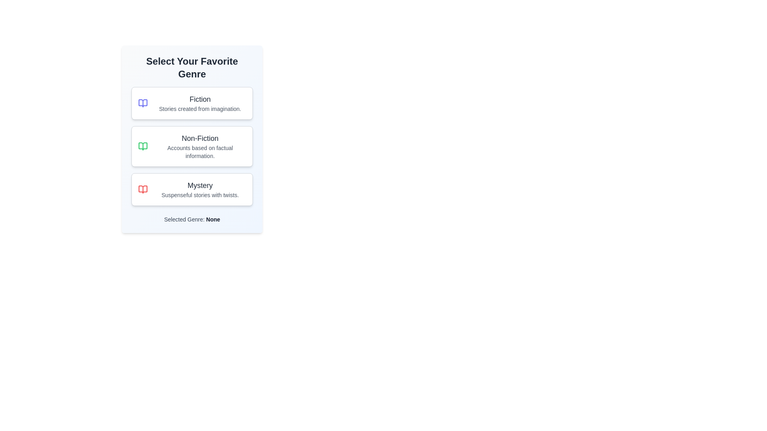  Describe the element at coordinates (200, 103) in the screenshot. I see `the 'Fiction' category text content block in the 'Select Your Favorite Genre' interface, which is the first item in the vertical list of options` at that location.